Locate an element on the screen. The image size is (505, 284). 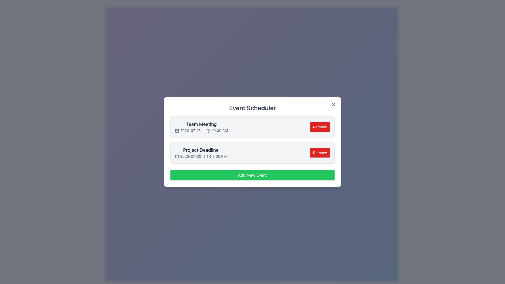
information displayed in the text label showing 'Team Meeting 2023-07-15 | 10:00 AM', which includes the title and the date and time is located at coordinates (201, 127).